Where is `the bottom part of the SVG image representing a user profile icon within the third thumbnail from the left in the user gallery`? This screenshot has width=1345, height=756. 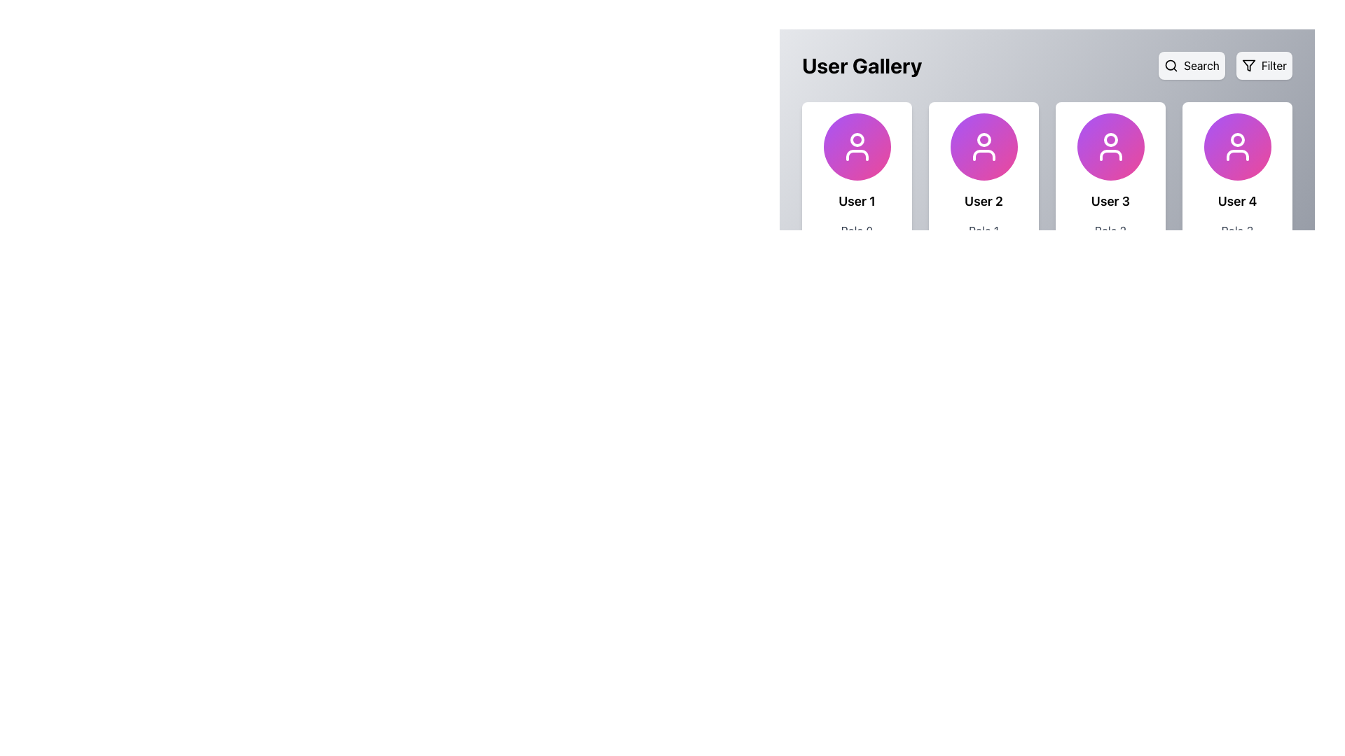 the bottom part of the SVG image representing a user profile icon within the third thumbnail from the left in the user gallery is located at coordinates (1110, 155).